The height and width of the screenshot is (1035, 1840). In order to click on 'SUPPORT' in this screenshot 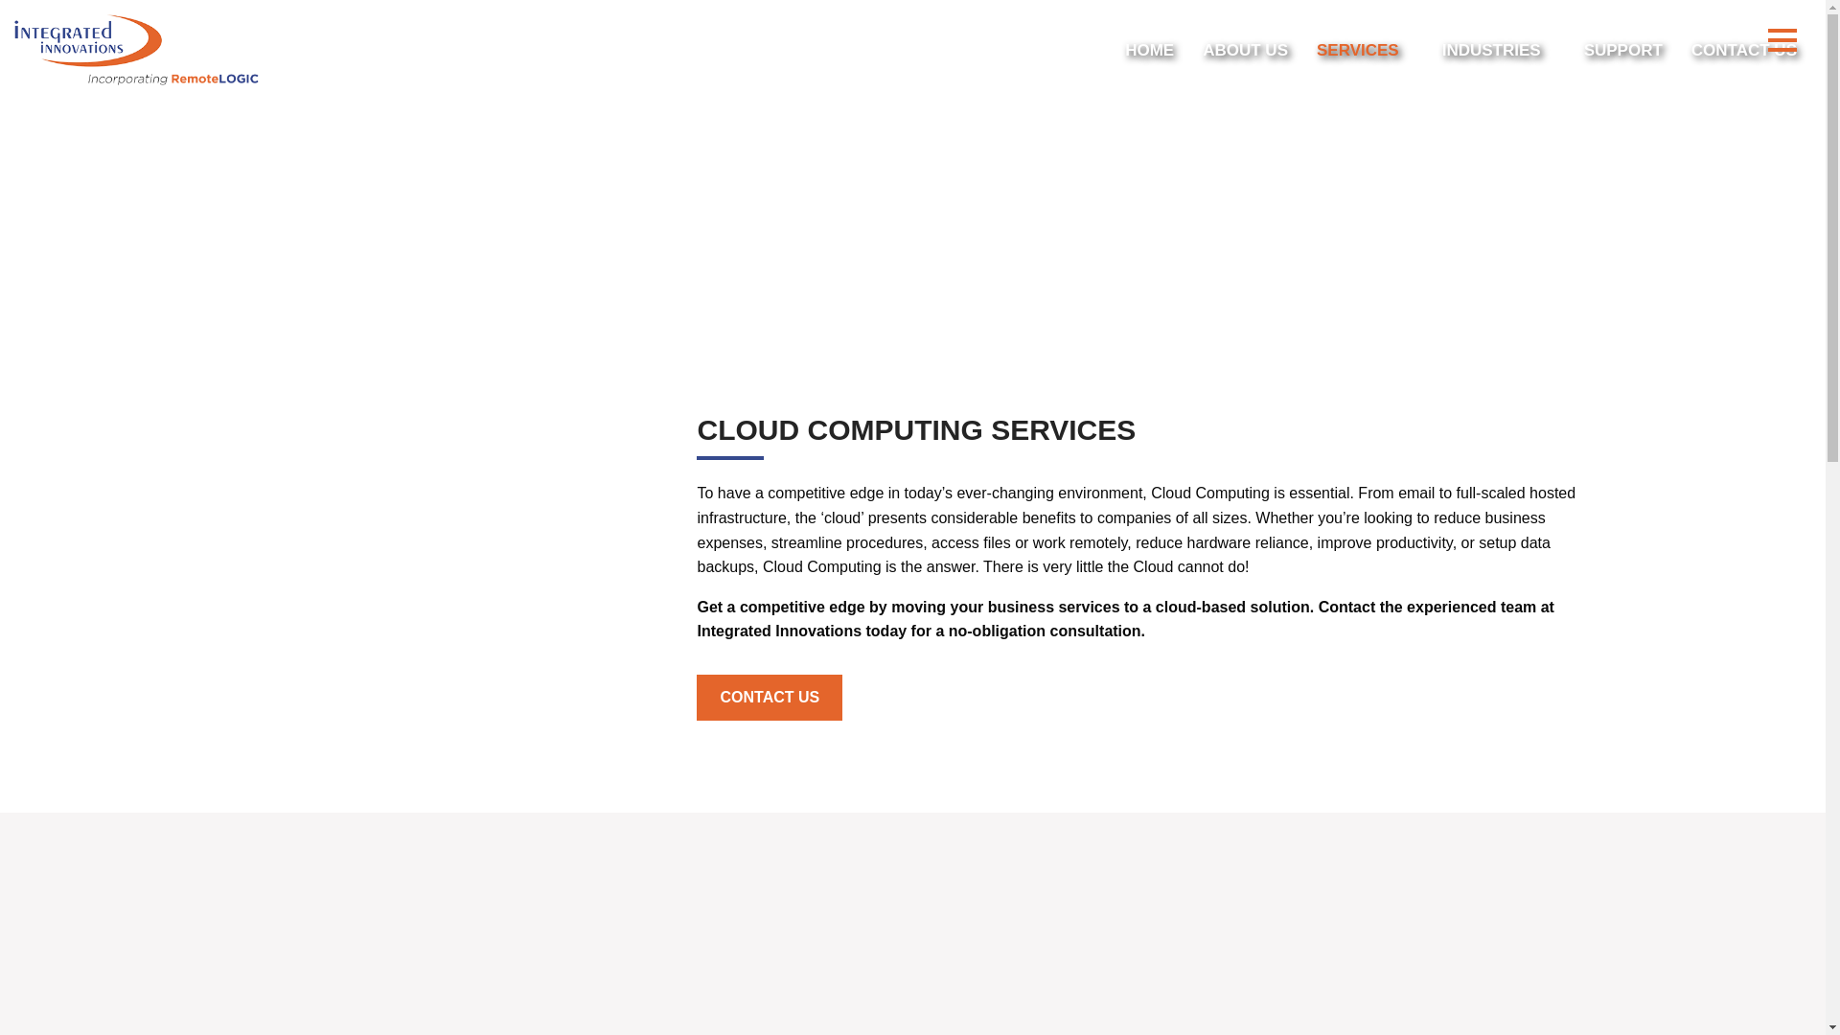, I will do `click(1583, 48)`.